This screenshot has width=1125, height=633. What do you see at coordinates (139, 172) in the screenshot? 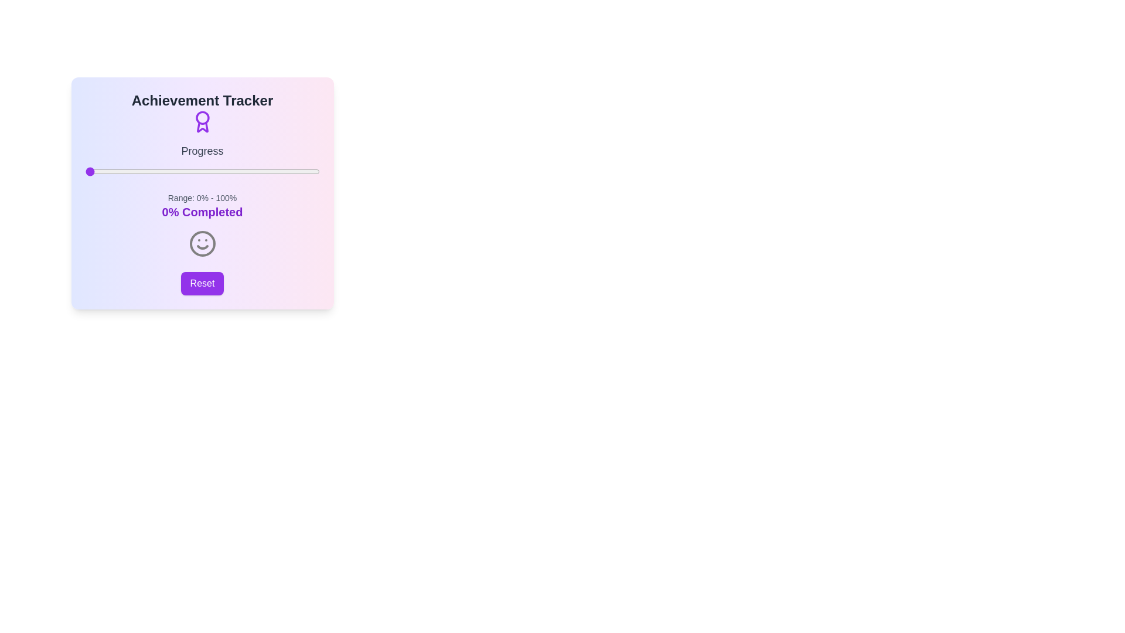
I see `the progress slider to 23%` at bounding box center [139, 172].